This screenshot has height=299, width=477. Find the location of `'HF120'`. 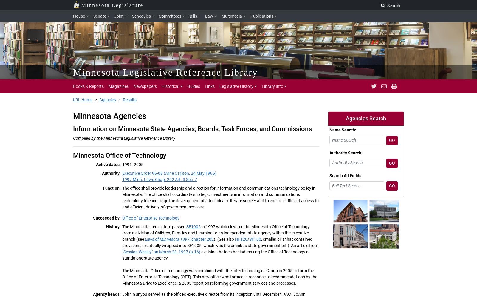

'HF120' is located at coordinates (241, 239).